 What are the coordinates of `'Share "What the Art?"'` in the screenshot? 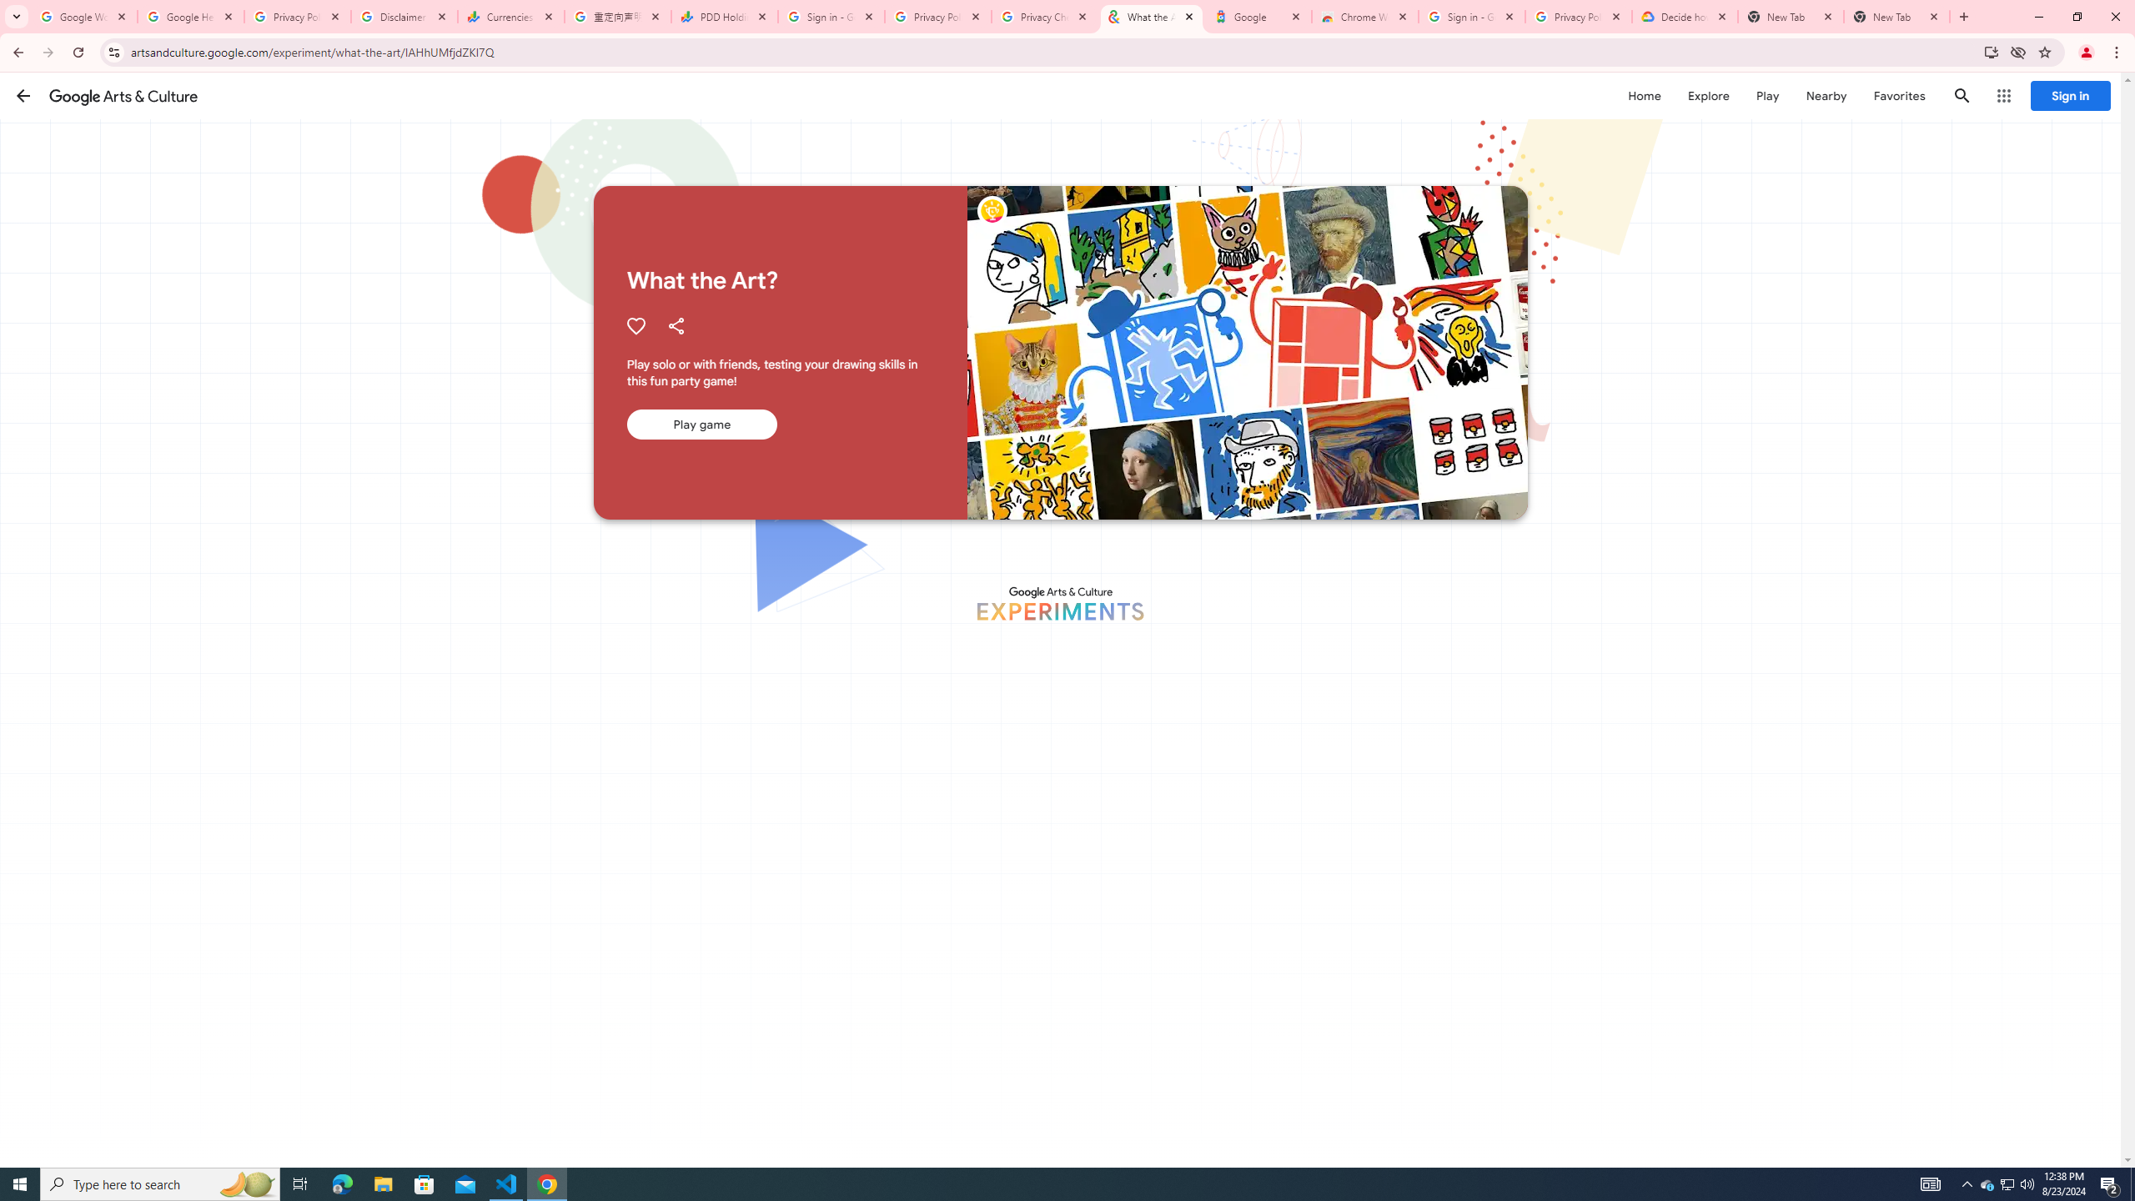 It's located at (676, 325).